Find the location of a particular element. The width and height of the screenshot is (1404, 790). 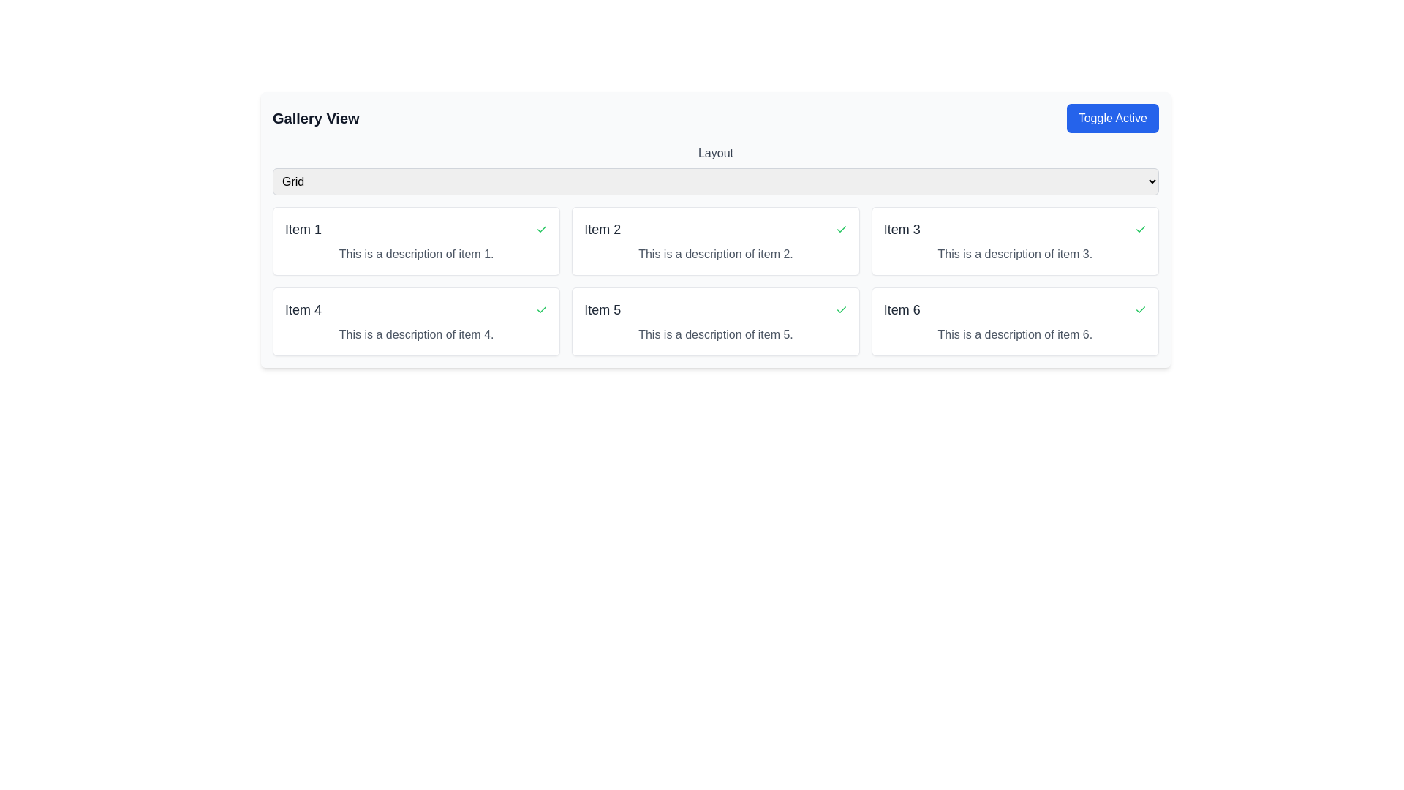

the text element that displays 'This is a description of item 2.' located under the label 'Item 2' is located at coordinates (716, 253).